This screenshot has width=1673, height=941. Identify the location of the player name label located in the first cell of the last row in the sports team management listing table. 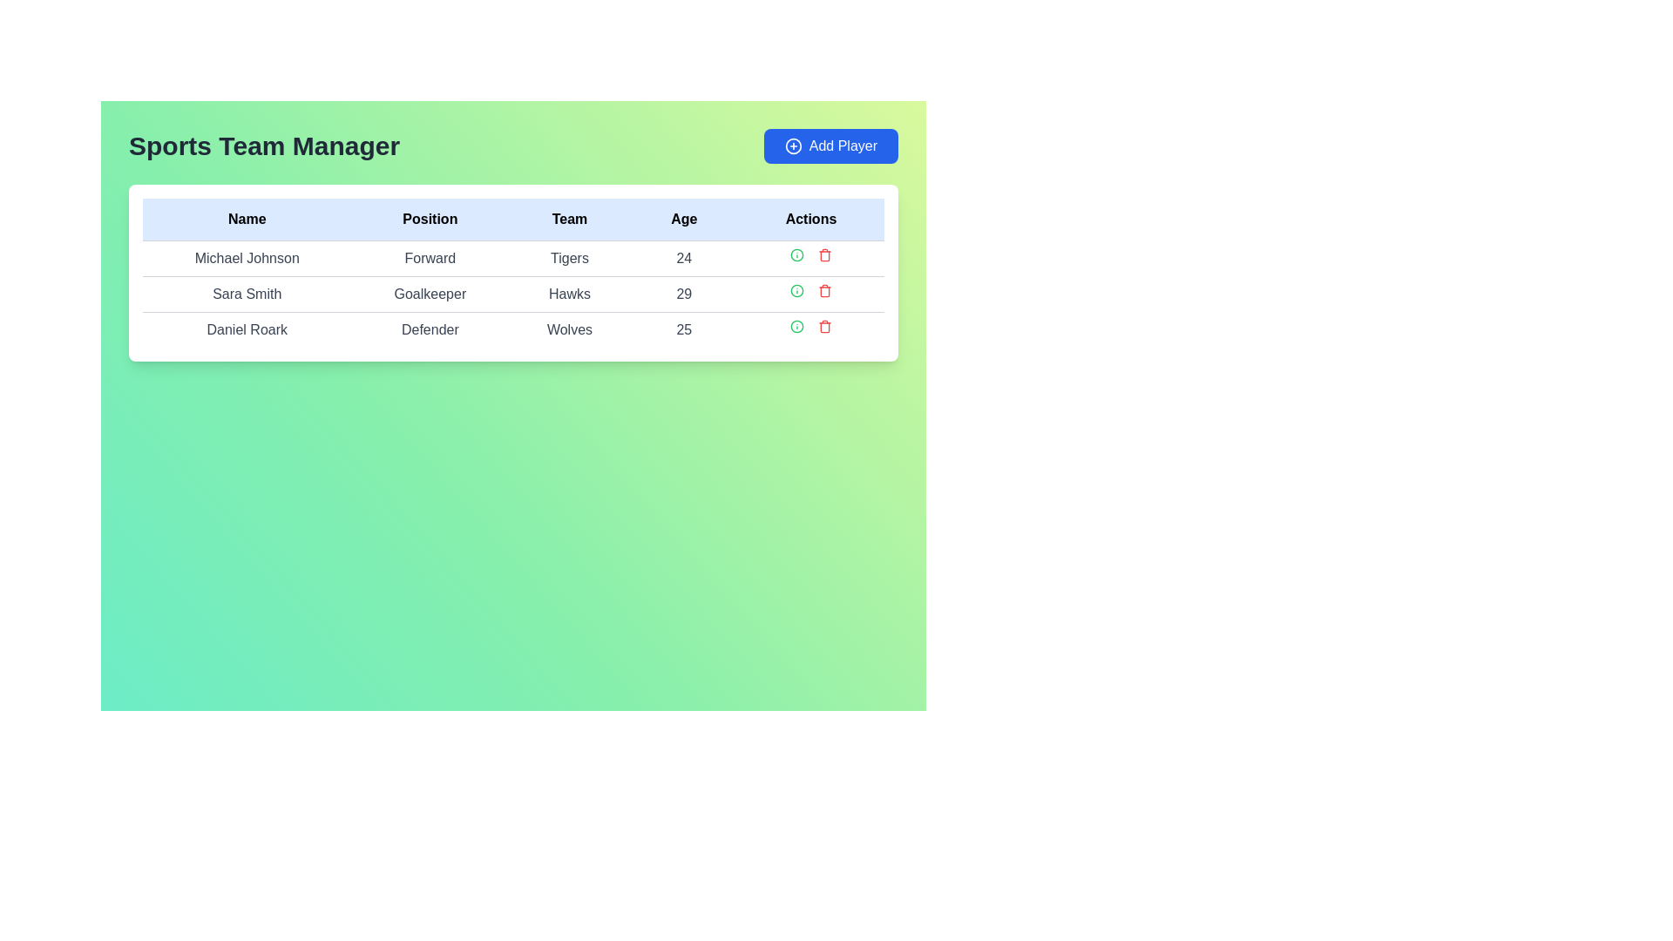
(246, 329).